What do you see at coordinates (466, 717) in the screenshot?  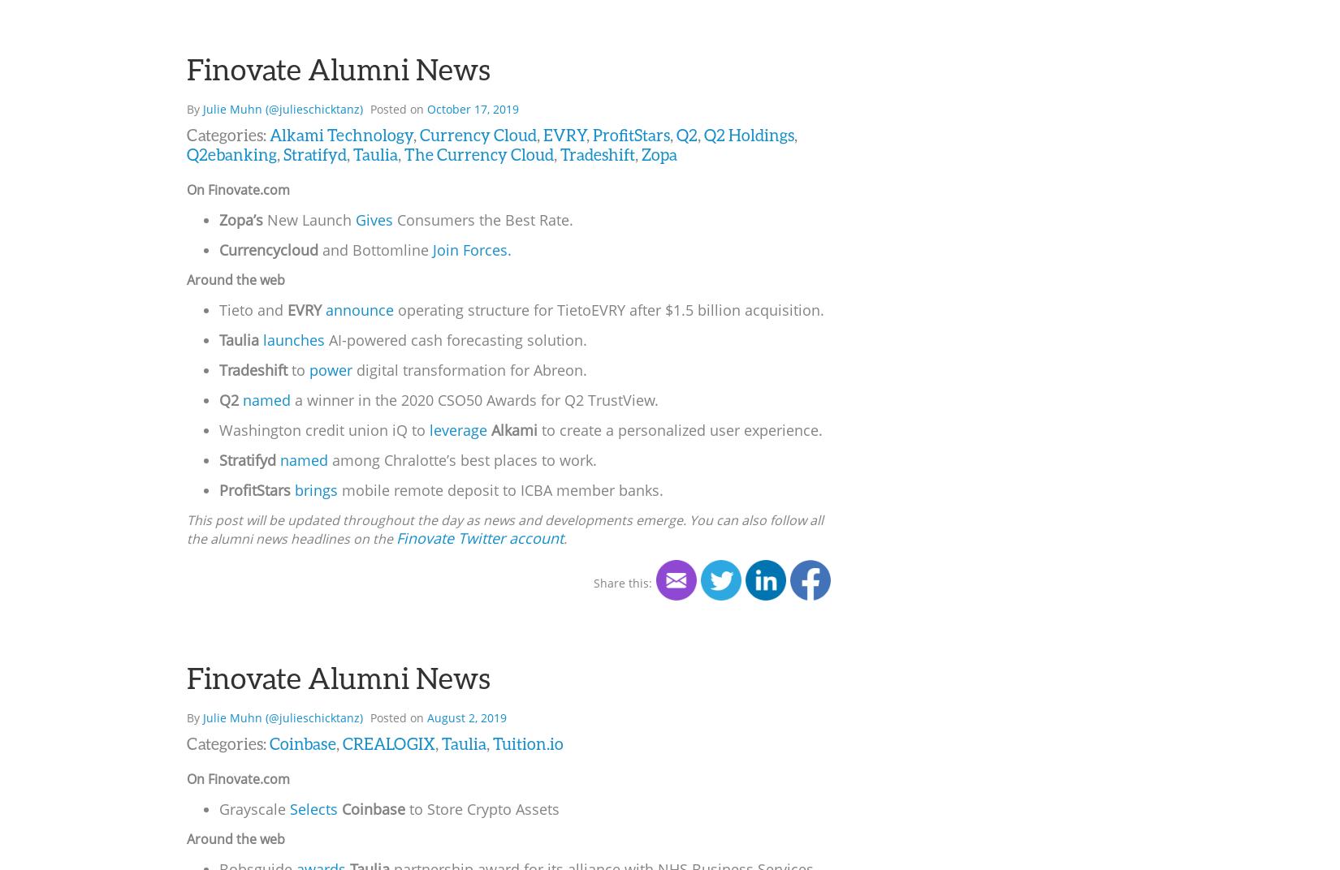 I see `'August 2, 2019'` at bounding box center [466, 717].